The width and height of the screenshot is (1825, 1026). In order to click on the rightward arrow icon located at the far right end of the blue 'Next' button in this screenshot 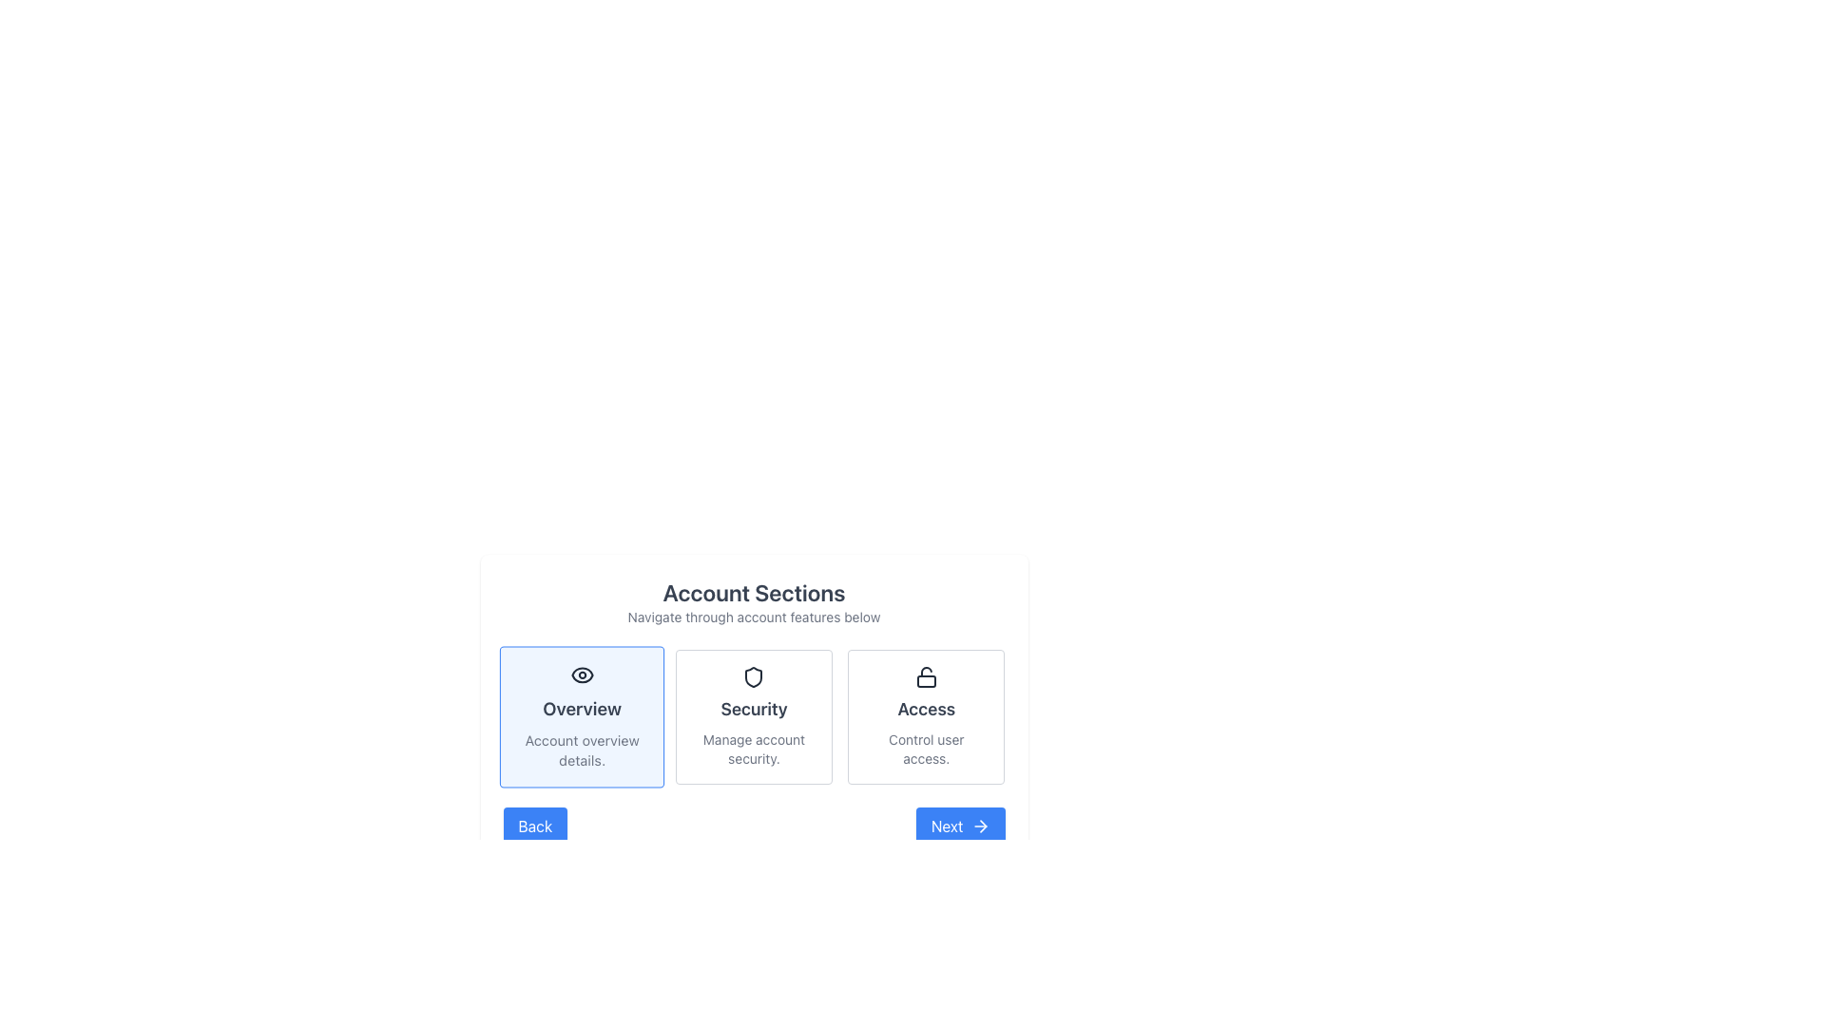, I will do `click(980, 826)`.